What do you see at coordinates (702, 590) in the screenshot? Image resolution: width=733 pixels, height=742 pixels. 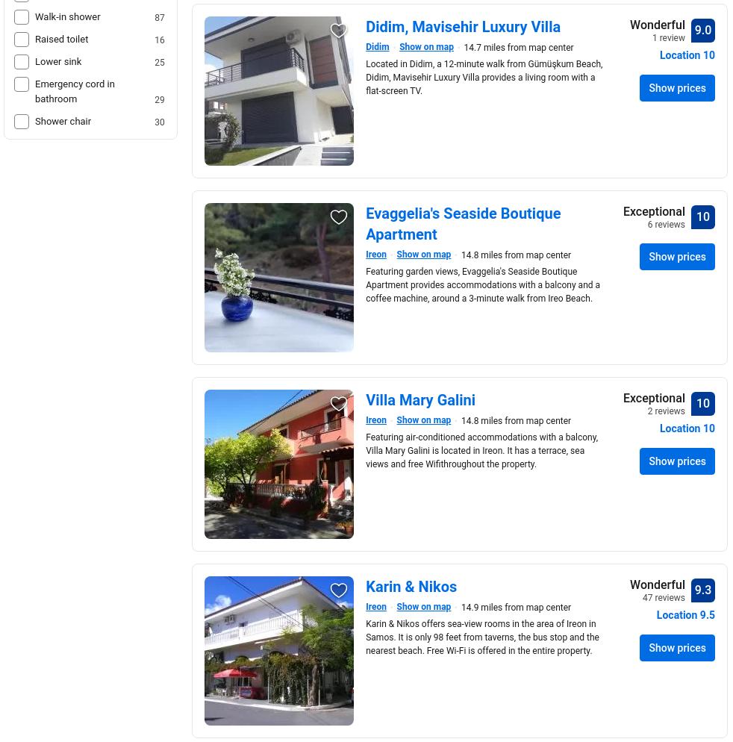 I see `'9.3'` at bounding box center [702, 590].